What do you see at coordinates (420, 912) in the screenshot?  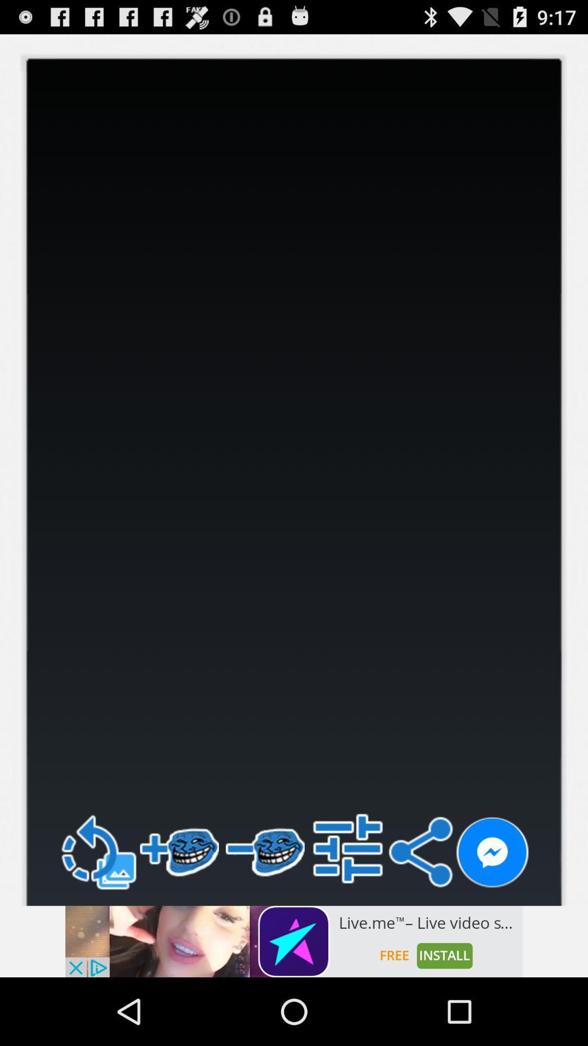 I see `the share icon` at bounding box center [420, 912].